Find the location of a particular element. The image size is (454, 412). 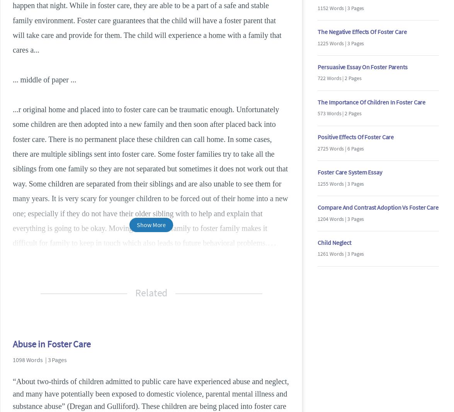

'1152 Words | 3 Pages' is located at coordinates (340, 7).